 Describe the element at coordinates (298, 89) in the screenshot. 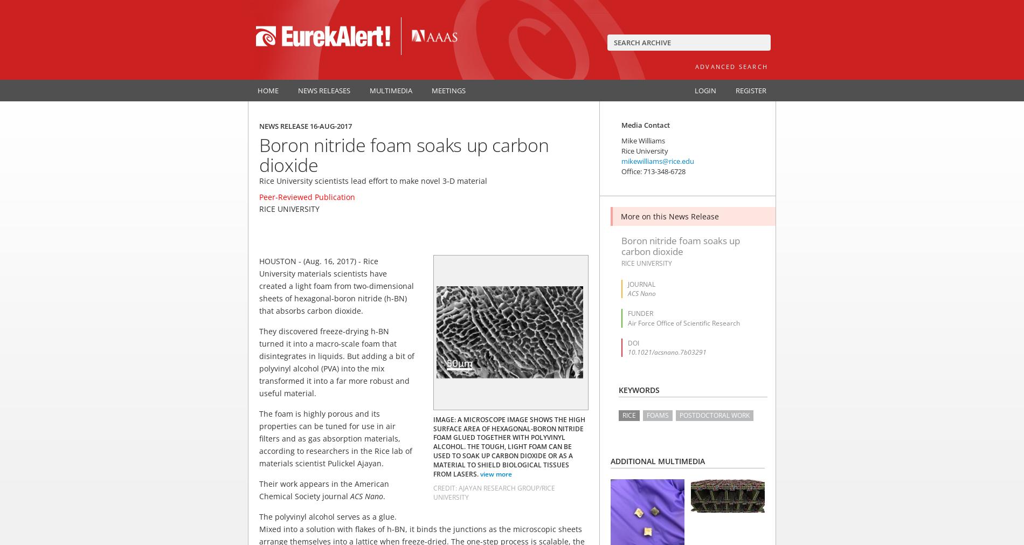

I see `'News Releases'` at that location.